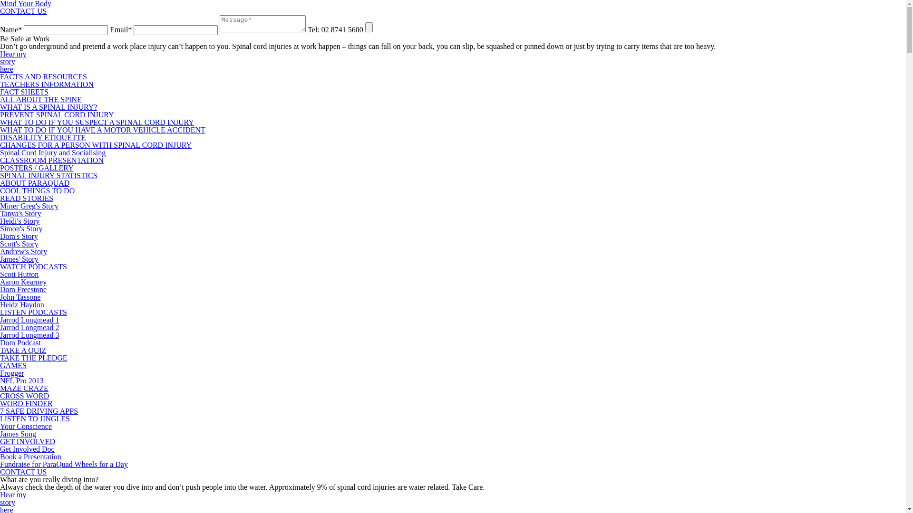 Image resolution: width=913 pixels, height=513 pixels. I want to click on 'CONTACT US', so click(23, 472).